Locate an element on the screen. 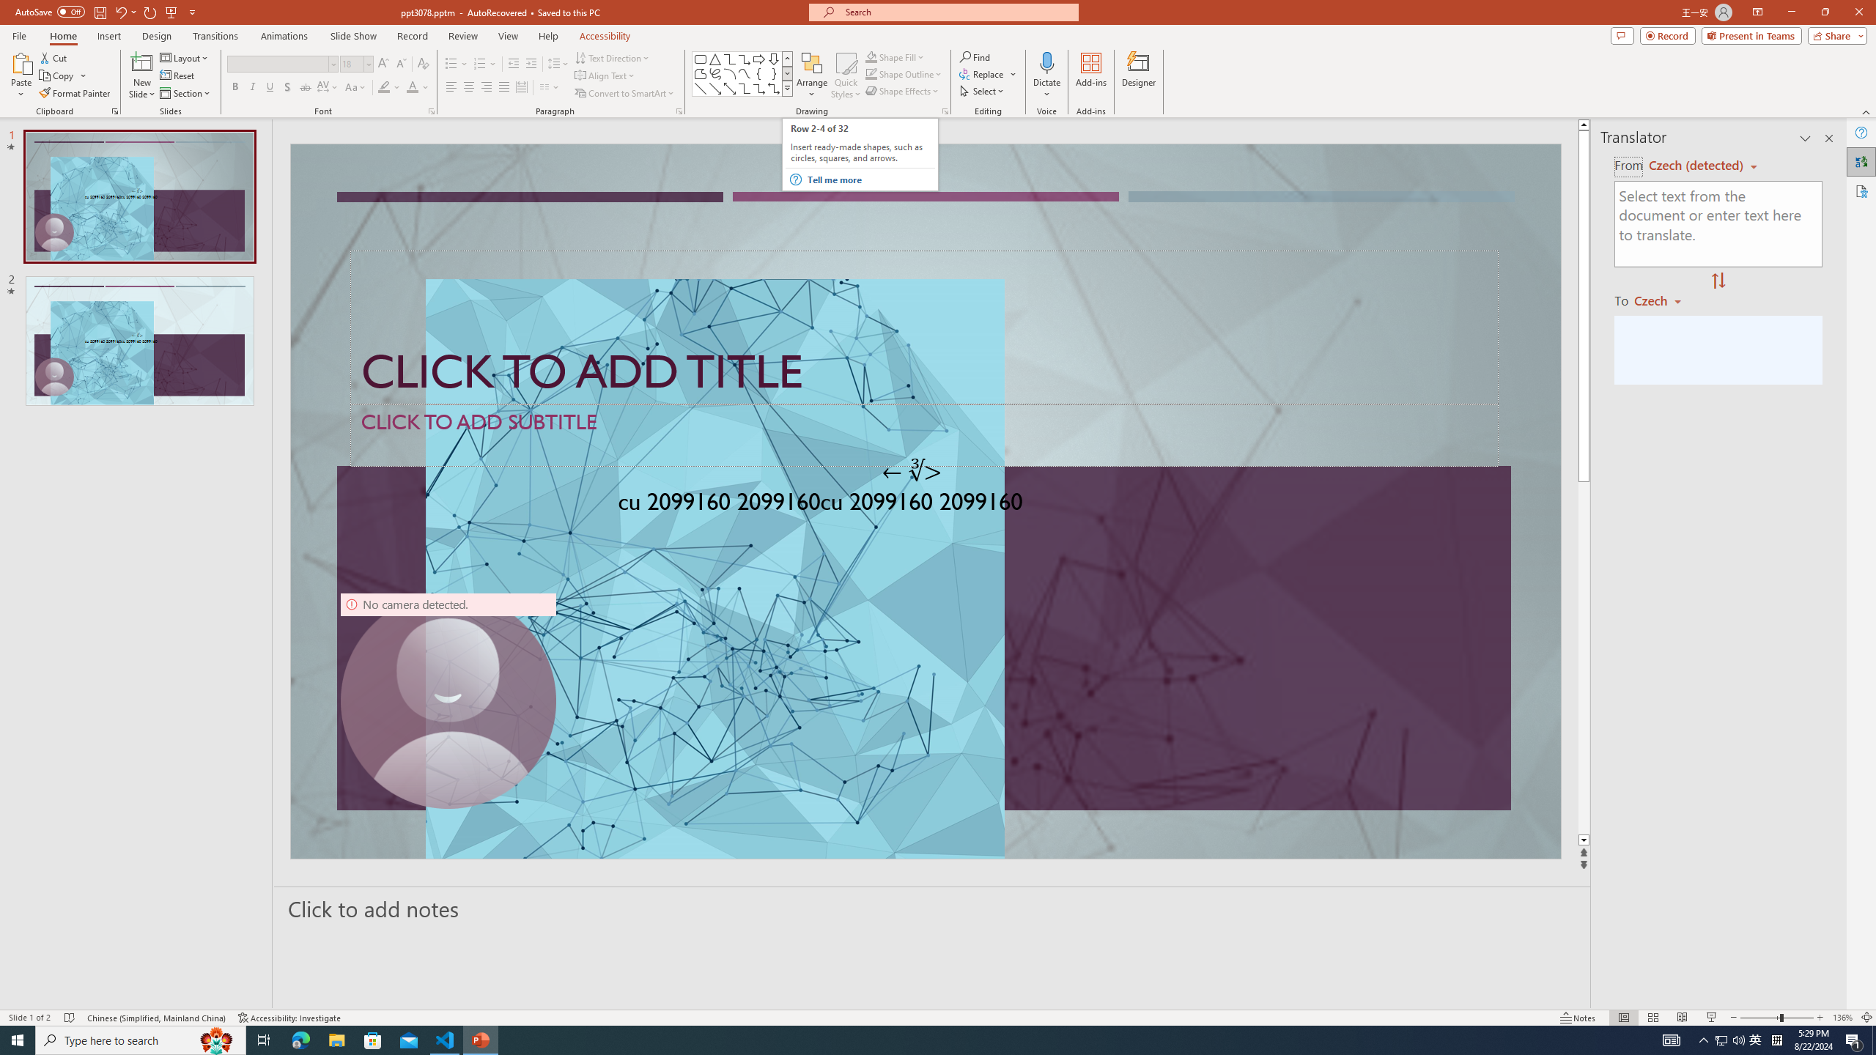 The height and width of the screenshot is (1055, 1876). 'Underline' is located at coordinates (269, 86).